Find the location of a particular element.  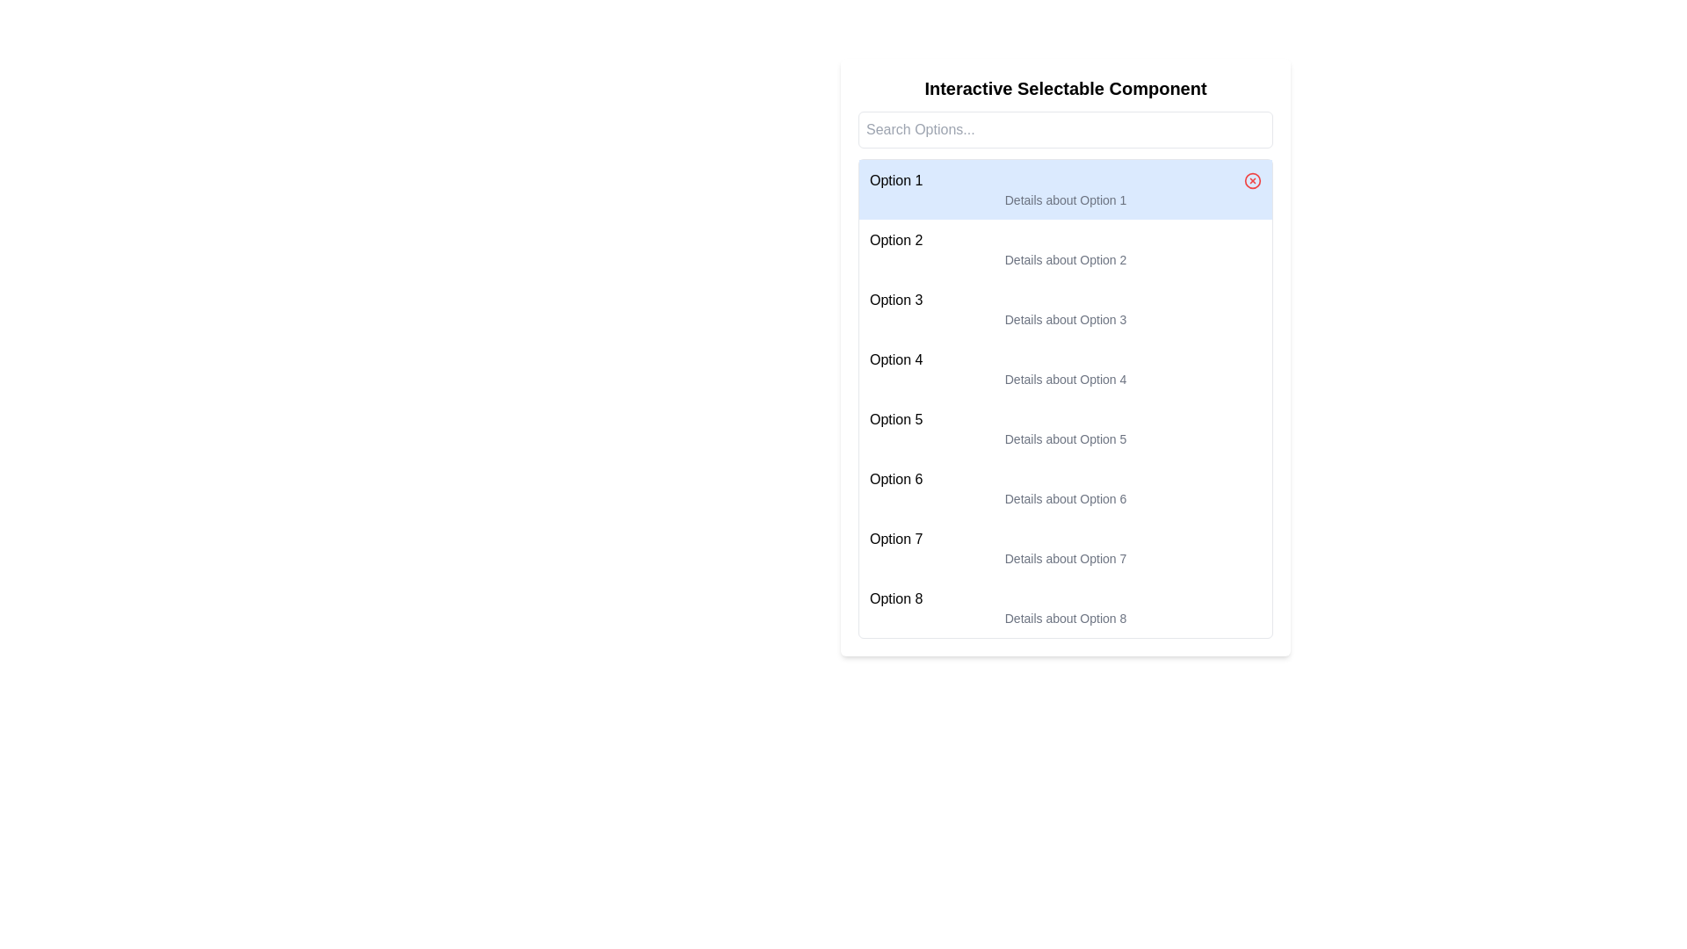

the 'Option 2' text label, which displays the label as part of a vertical list of options is located at coordinates (896, 240).